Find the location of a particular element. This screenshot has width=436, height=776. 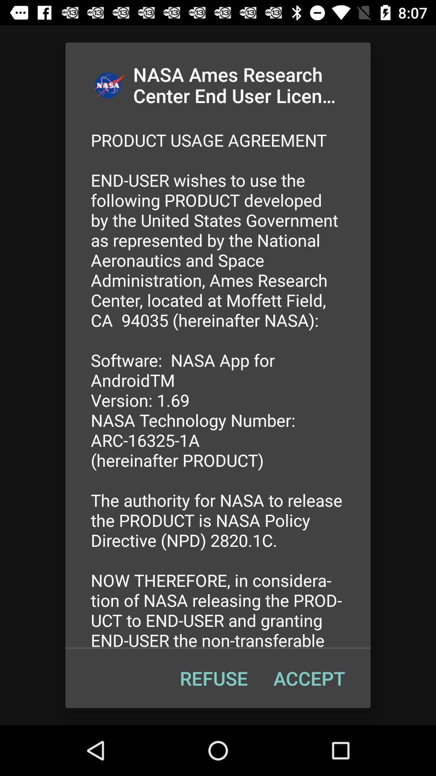

the icon below product usage agreement is located at coordinates (309, 678).